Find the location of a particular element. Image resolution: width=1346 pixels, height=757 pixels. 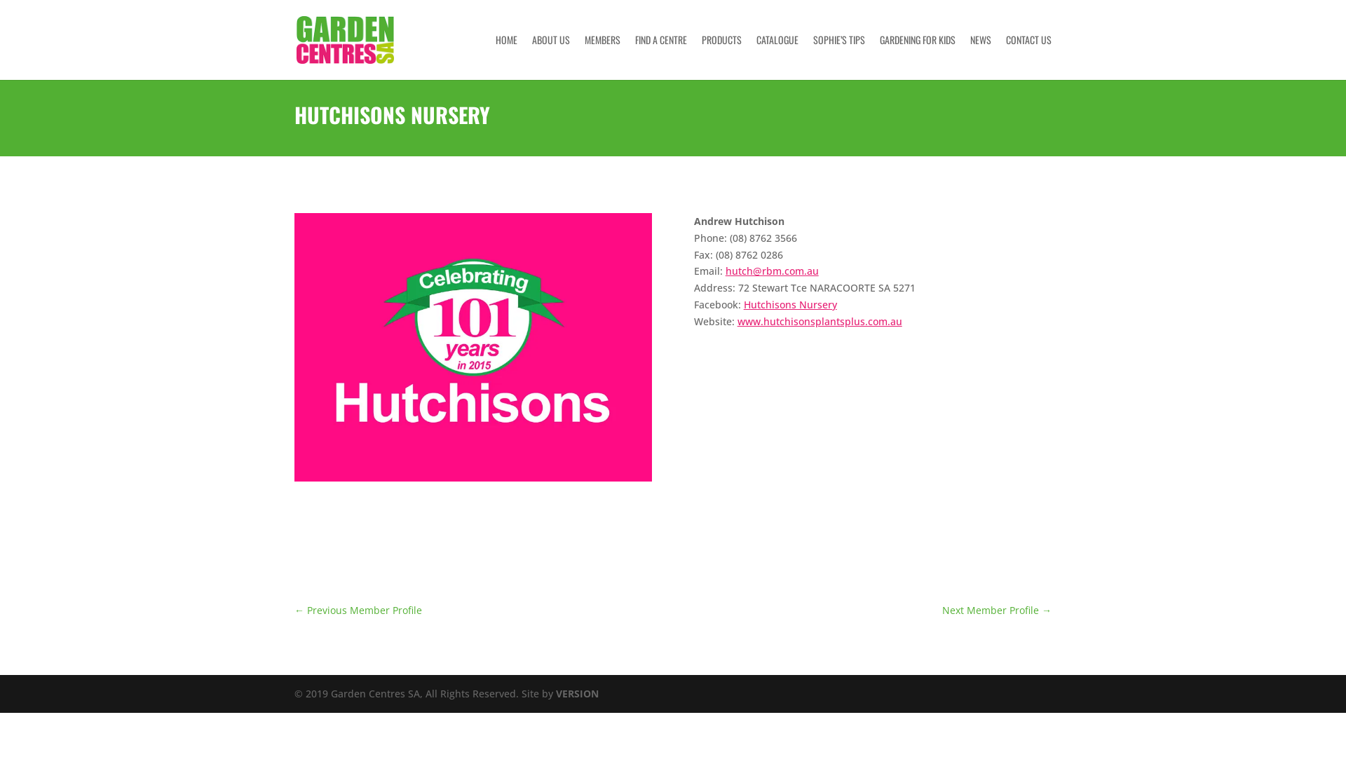

'NEWS' is located at coordinates (969, 56).